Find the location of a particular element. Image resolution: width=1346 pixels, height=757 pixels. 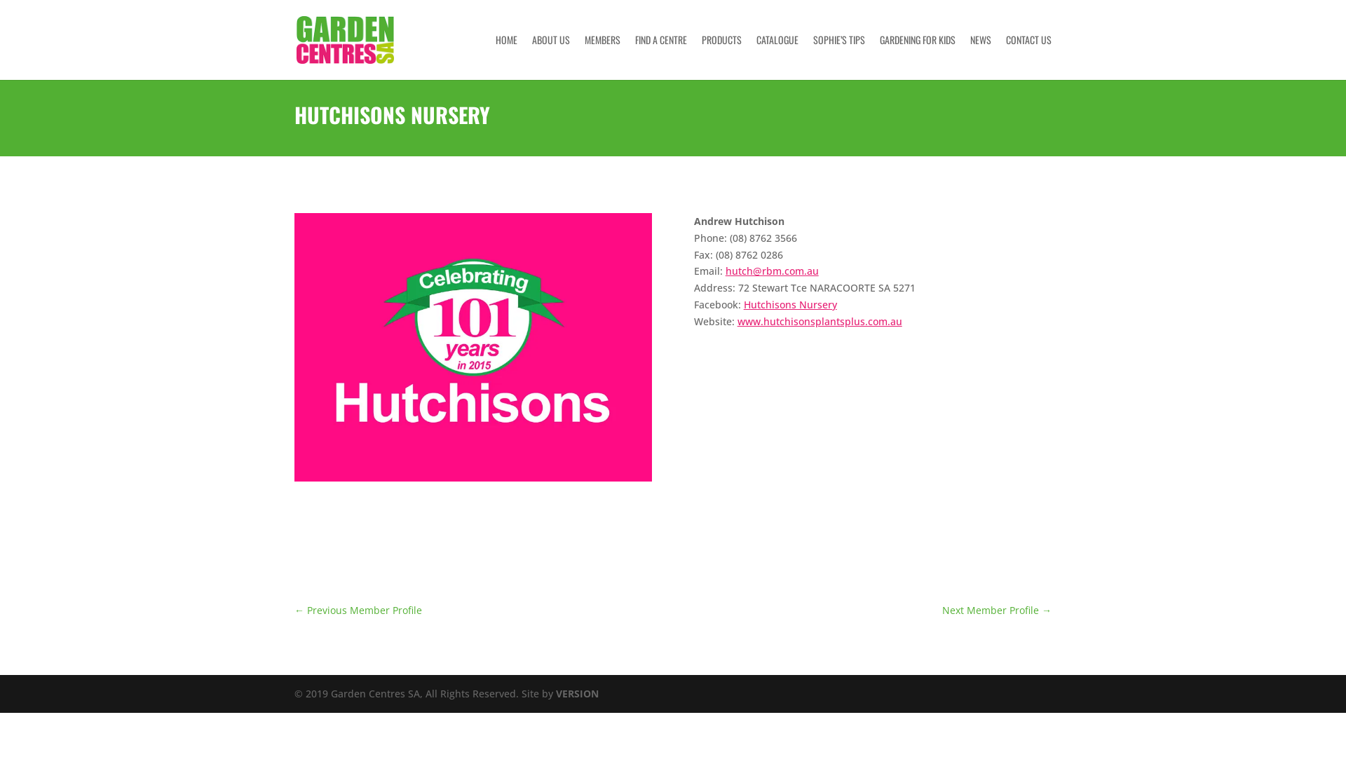

'NEWS' is located at coordinates (969, 56).